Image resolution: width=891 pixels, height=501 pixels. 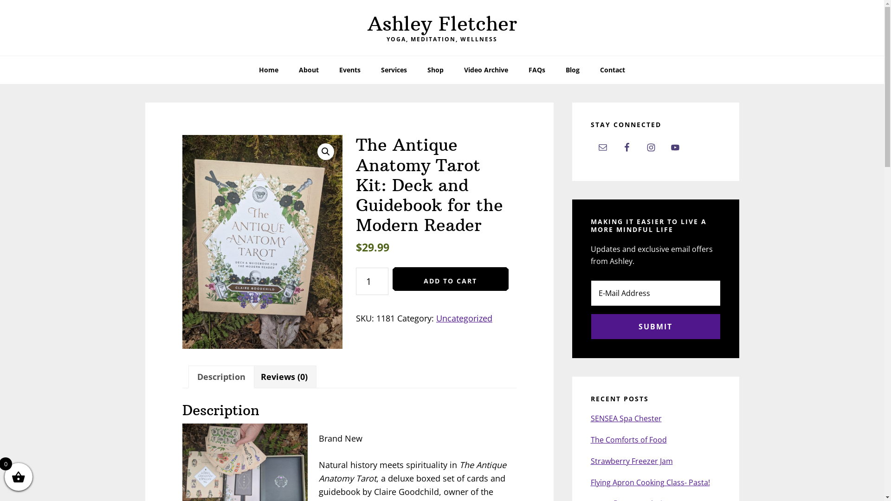 I want to click on 'Flying Apron Cooking Class- Pasta!', so click(x=649, y=482).